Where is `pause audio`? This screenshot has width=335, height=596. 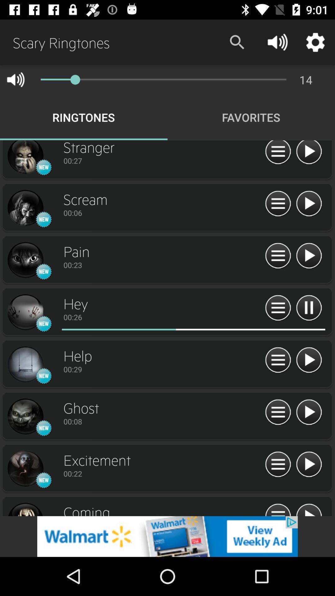
pause audio is located at coordinates (309, 308).